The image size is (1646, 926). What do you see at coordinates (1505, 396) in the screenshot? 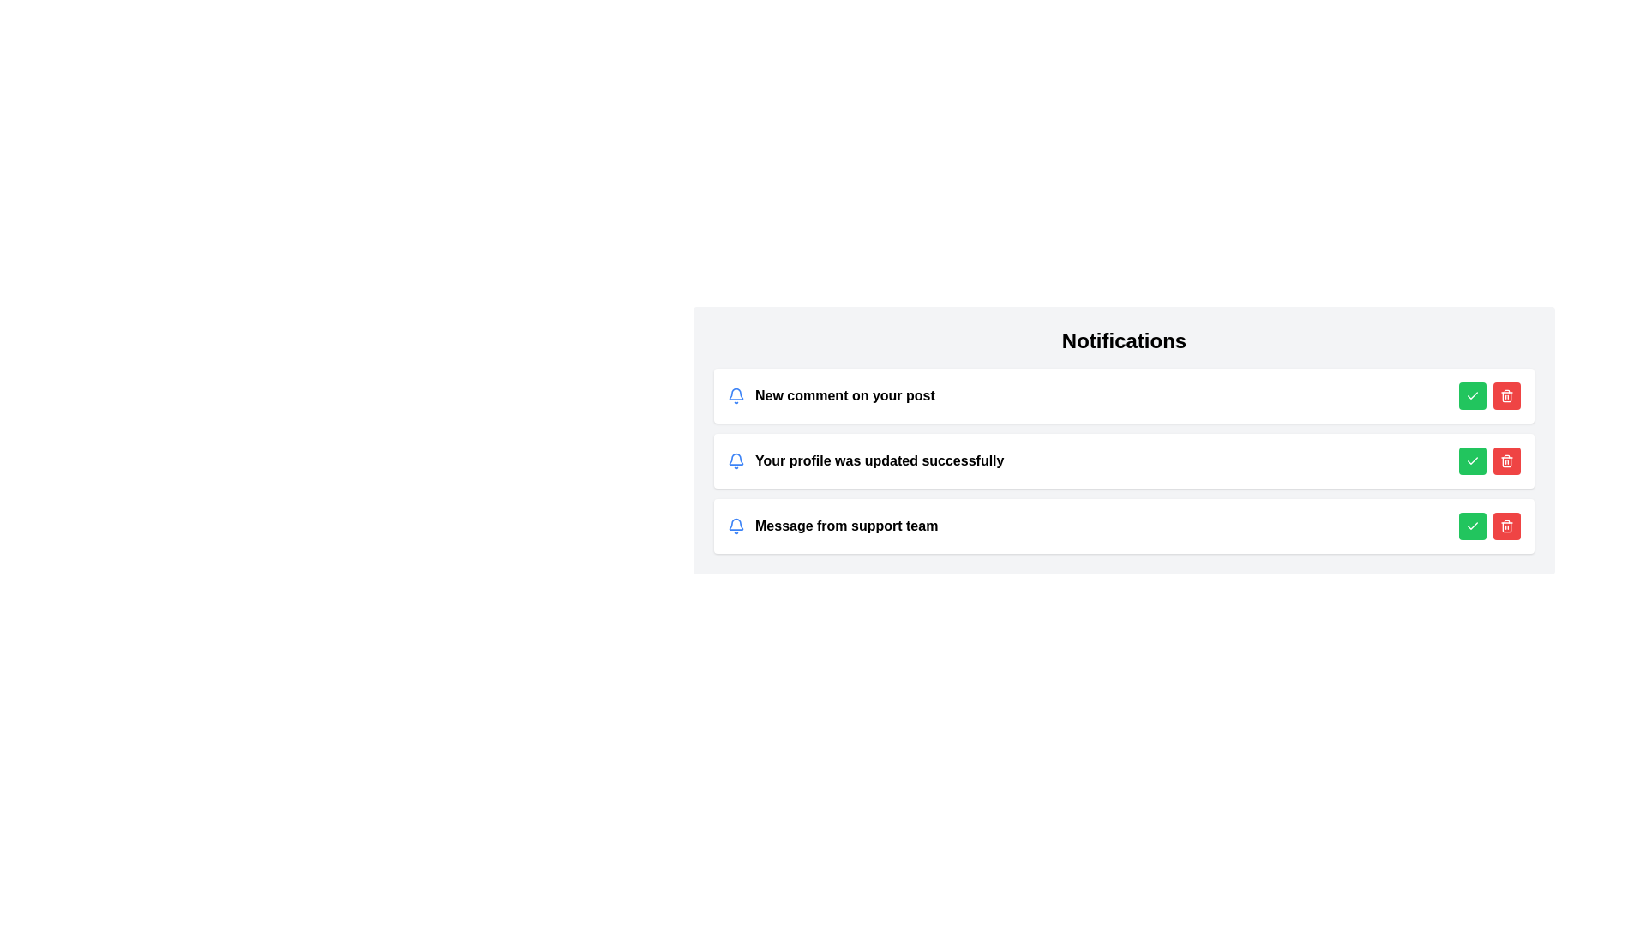
I see `the delete button for the notification with text New comment on your post` at bounding box center [1505, 396].